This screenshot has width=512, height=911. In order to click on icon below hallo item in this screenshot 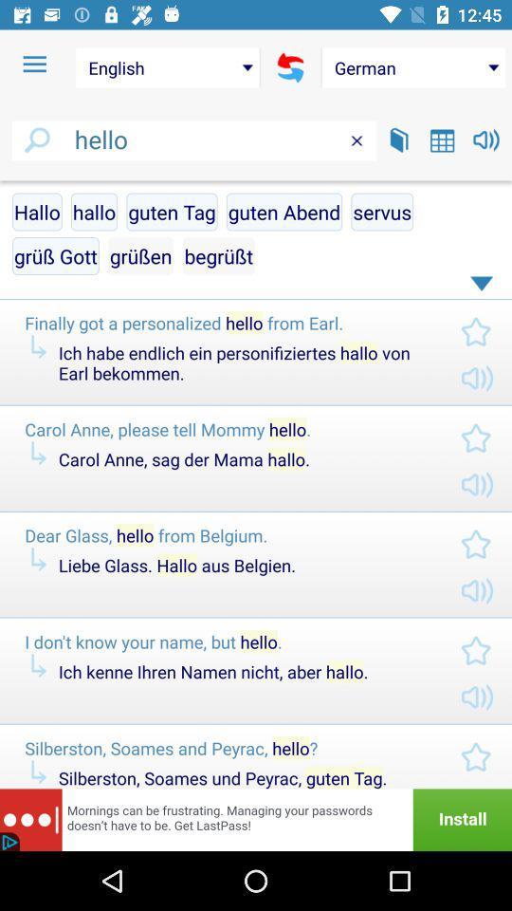, I will do `click(55, 254)`.